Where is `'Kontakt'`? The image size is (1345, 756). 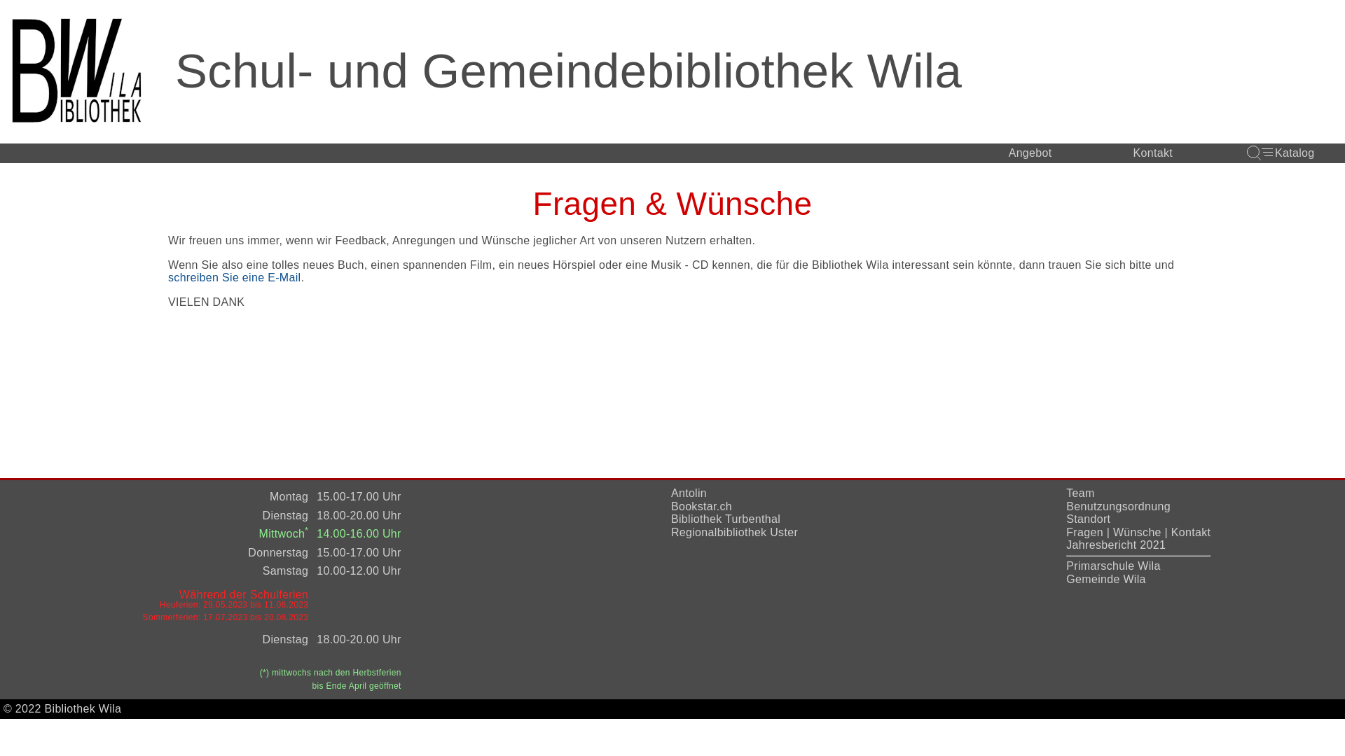
'Kontakt' is located at coordinates (1190, 532).